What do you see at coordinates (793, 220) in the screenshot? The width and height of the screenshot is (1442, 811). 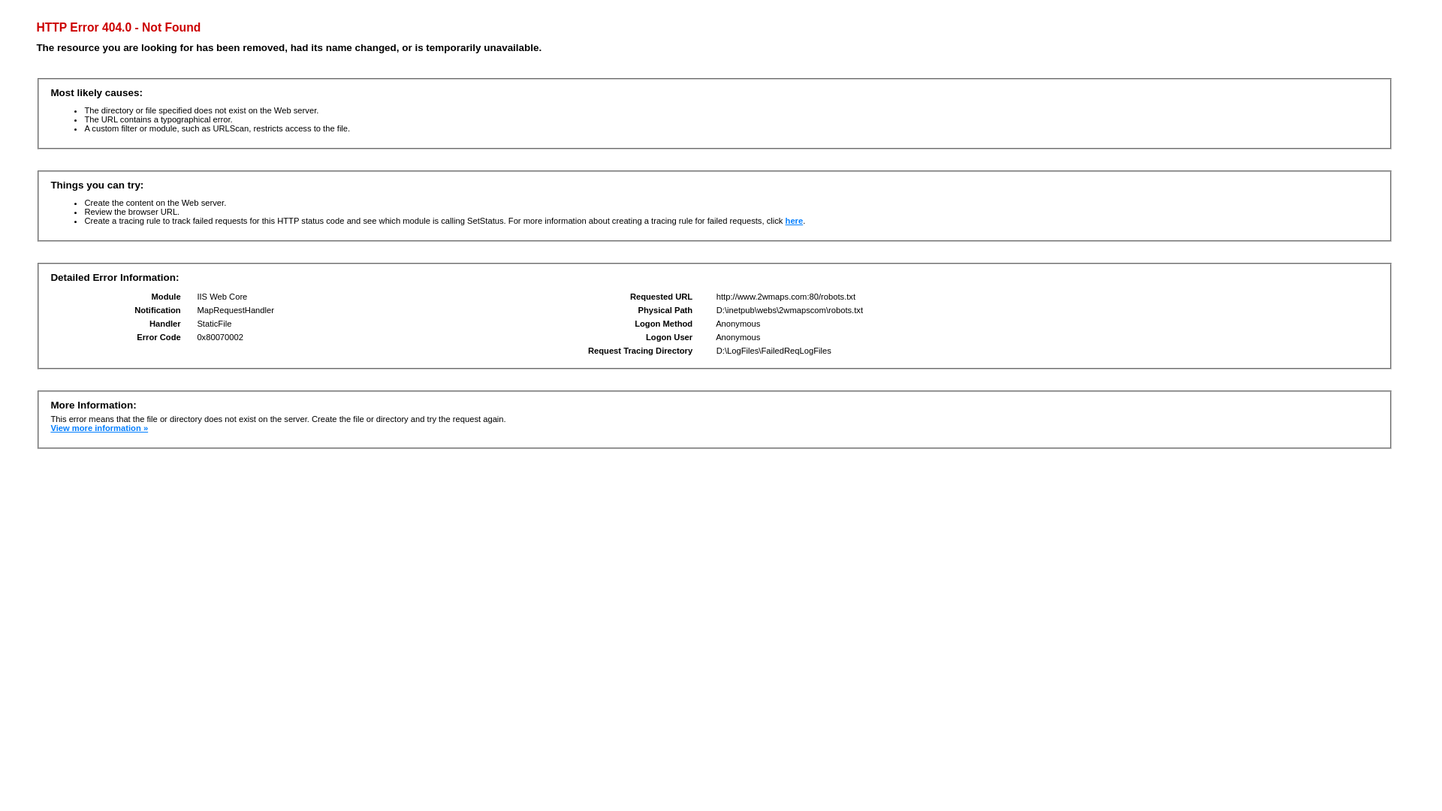 I see `'here'` at bounding box center [793, 220].